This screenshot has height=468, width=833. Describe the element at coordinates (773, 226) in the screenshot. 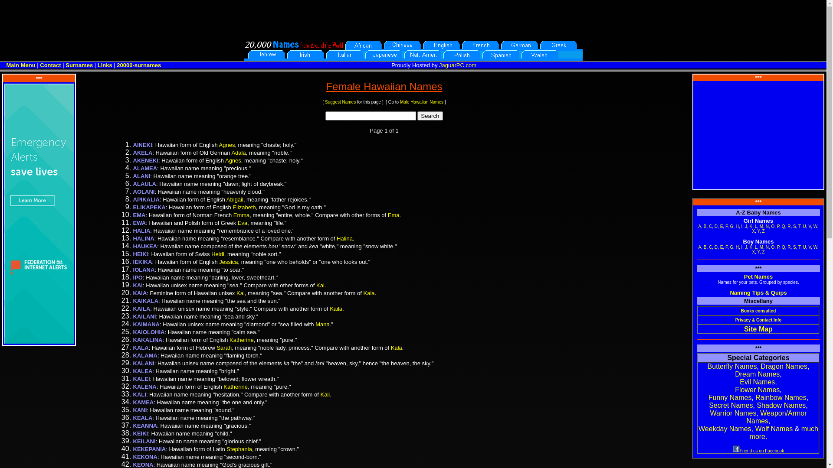

I see `'O'` at that location.